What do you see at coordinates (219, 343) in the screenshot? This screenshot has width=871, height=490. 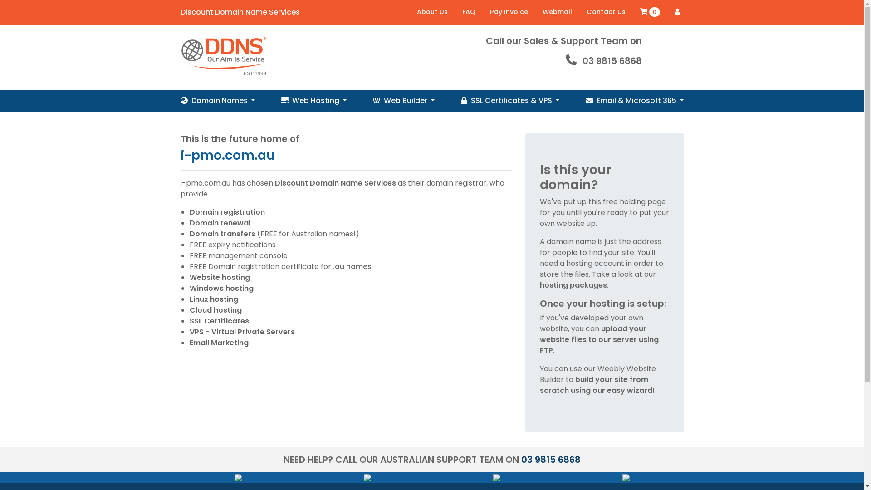 I see `'Email Marketing'` at bounding box center [219, 343].